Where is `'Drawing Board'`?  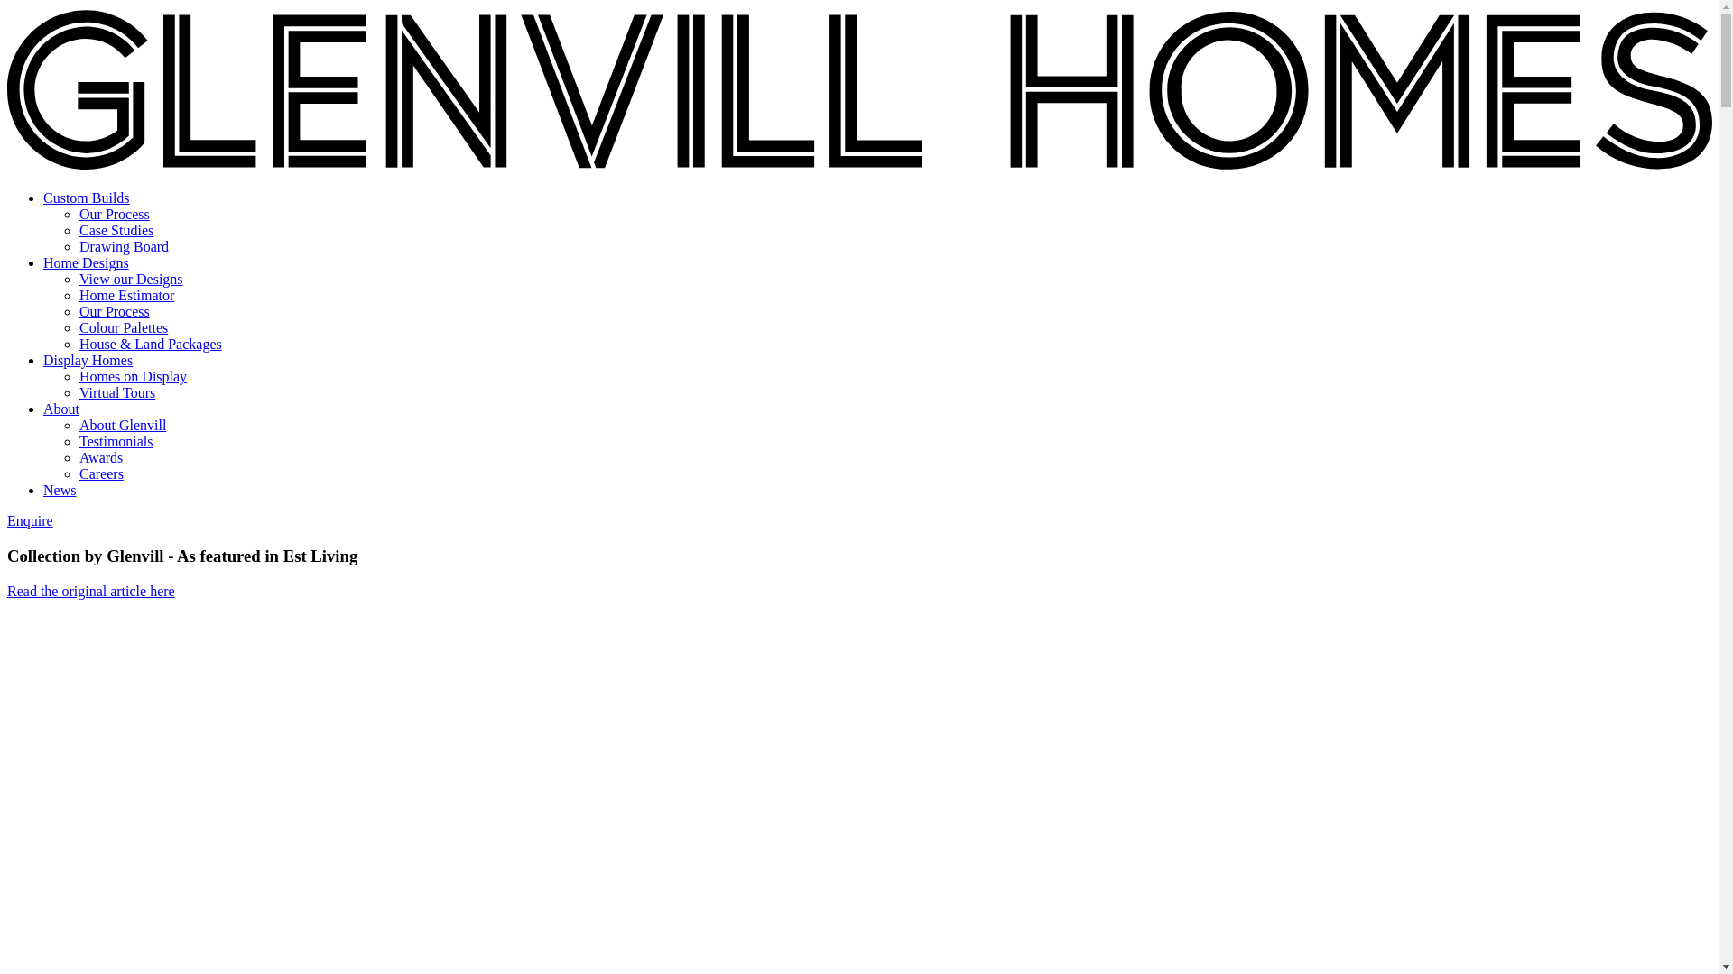
'Drawing Board' is located at coordinates (123, 246).